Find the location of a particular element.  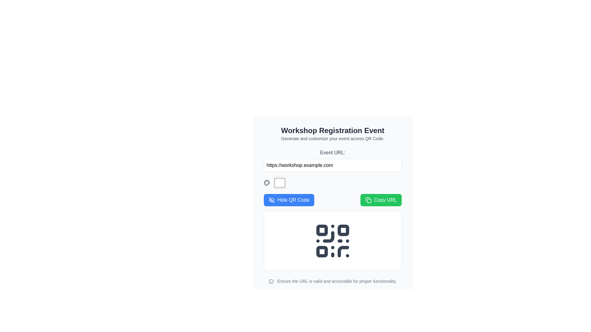

the text label displaying 'Event URL:' which is styled in gray and positioned above the input field is located at coordinates (332, 152).